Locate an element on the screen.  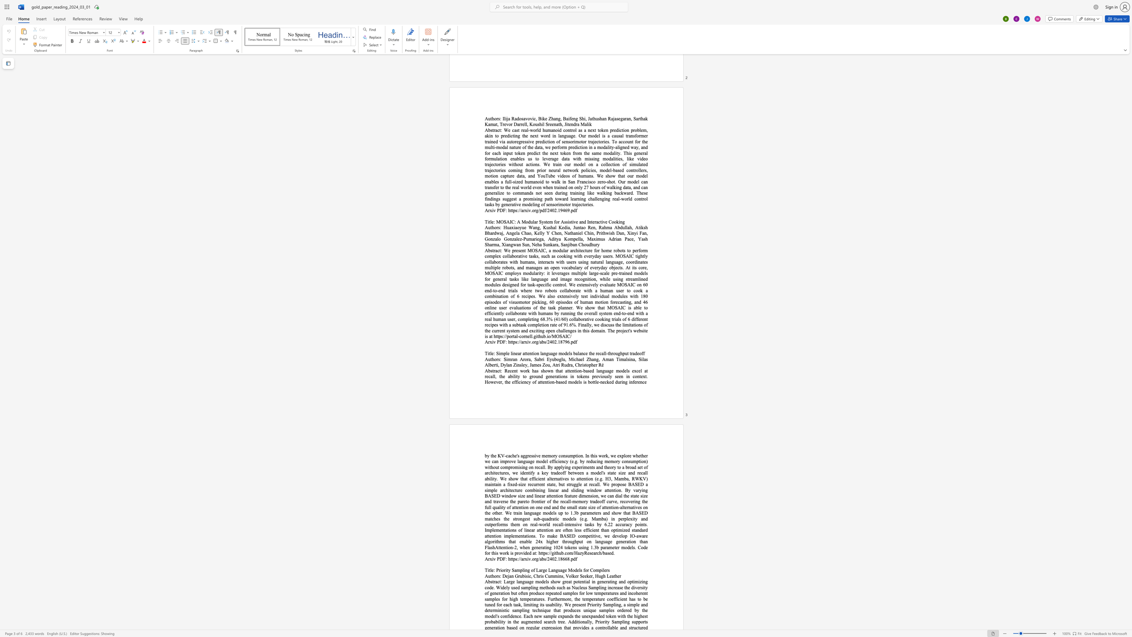
the 26th character "l" in the text is located at coordinates (576, 507).